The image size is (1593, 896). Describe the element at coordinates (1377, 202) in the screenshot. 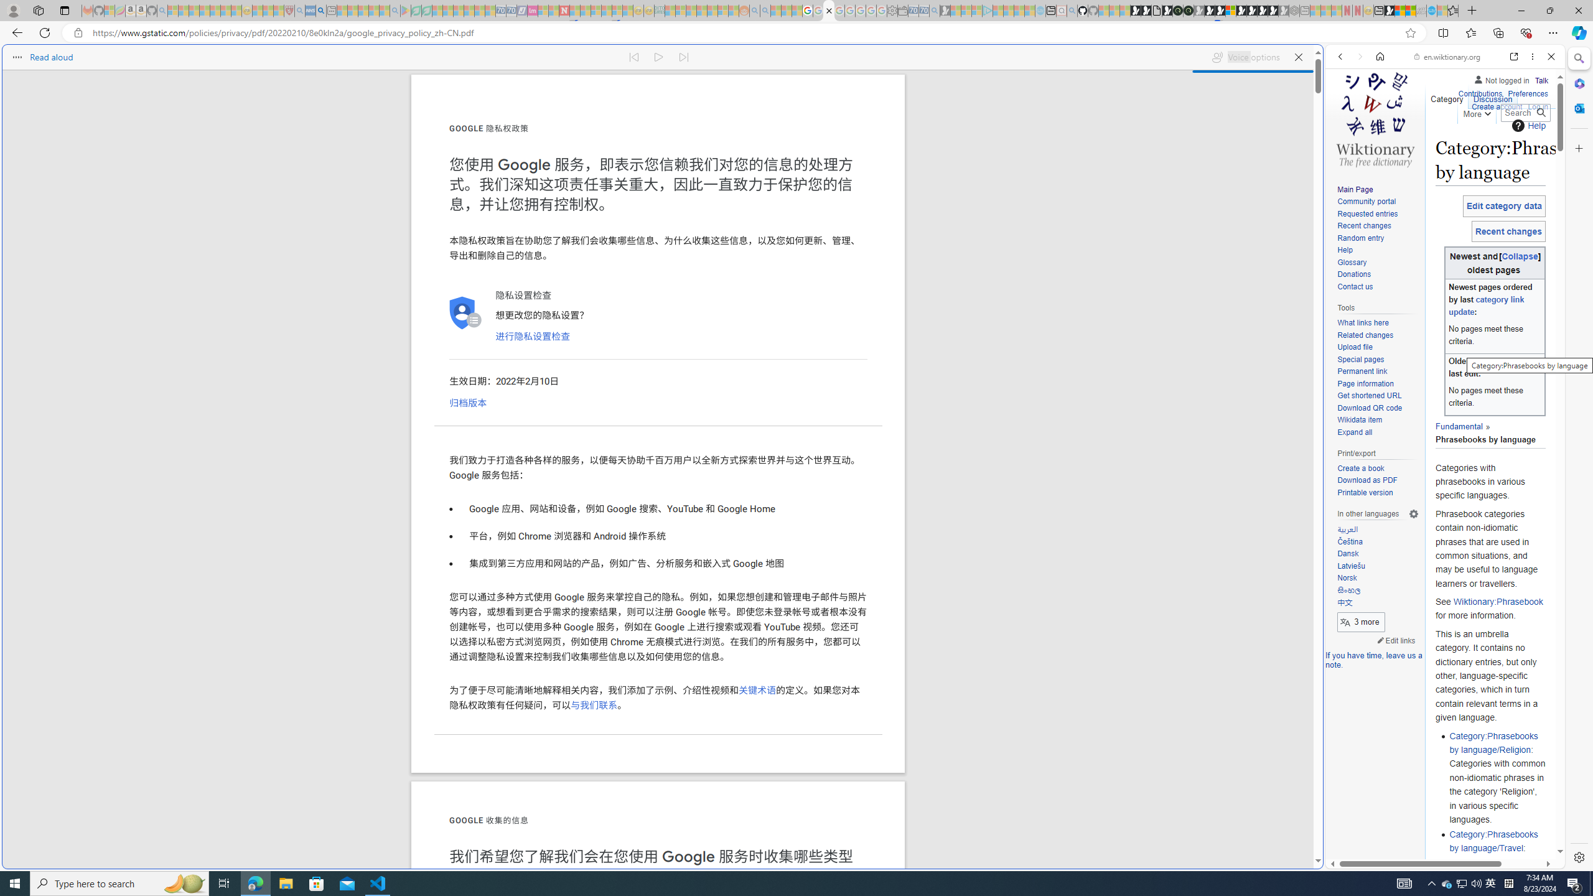

I see `'Community portal'` at that location.